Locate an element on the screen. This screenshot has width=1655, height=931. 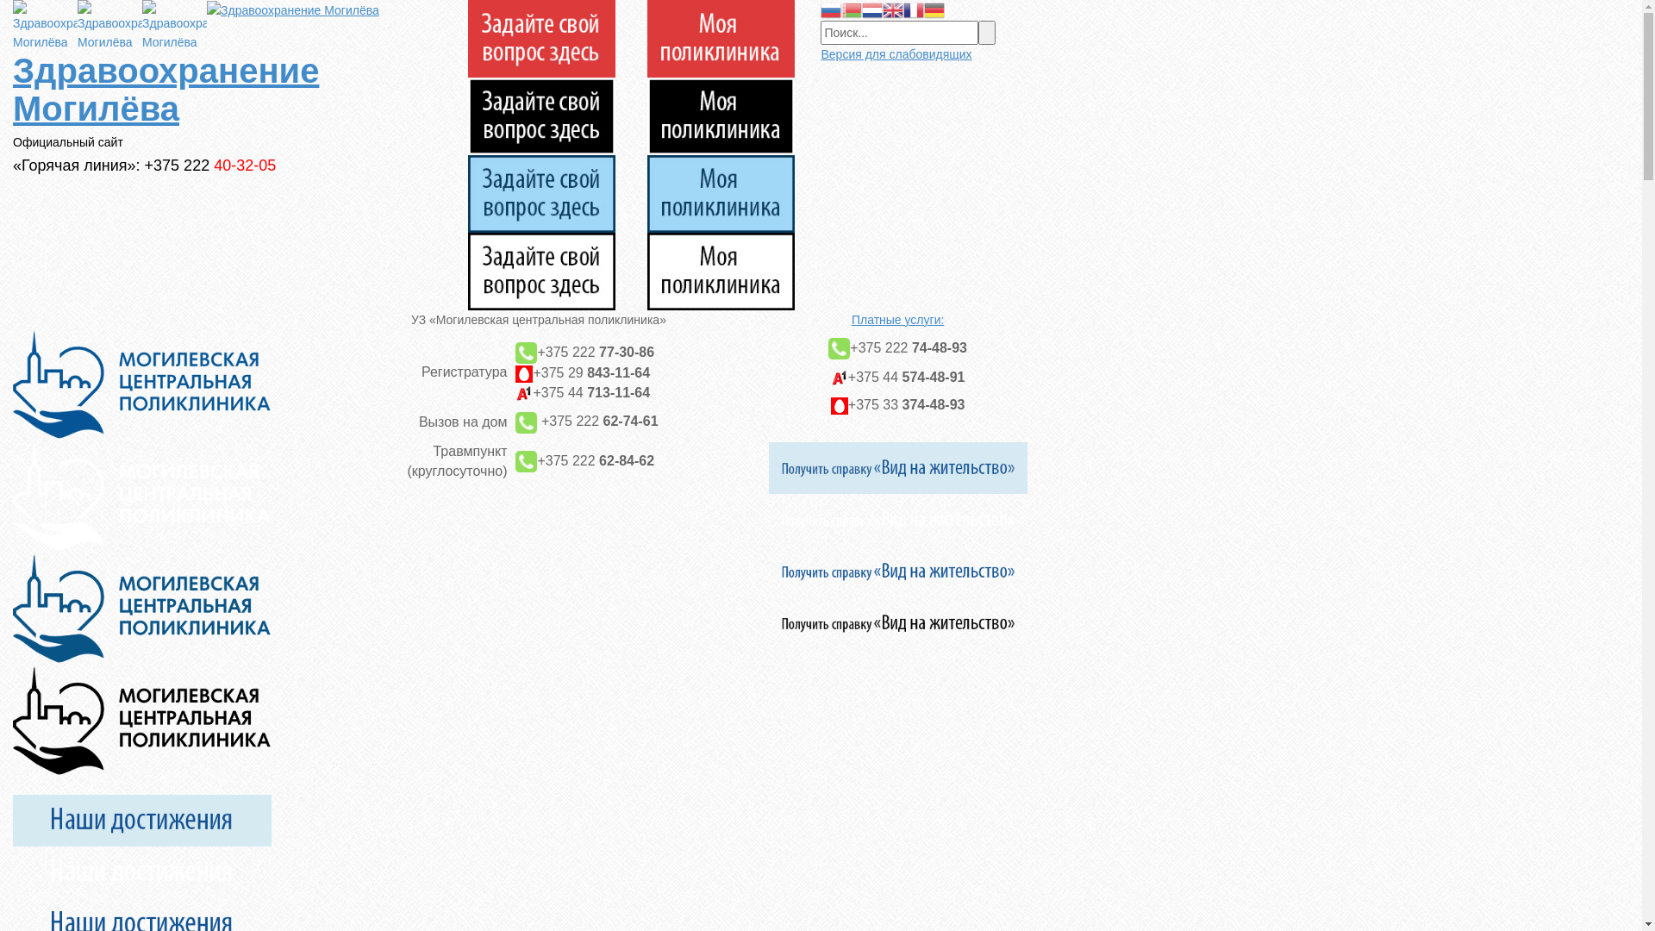
'English' is located at coordinates (893, 9).